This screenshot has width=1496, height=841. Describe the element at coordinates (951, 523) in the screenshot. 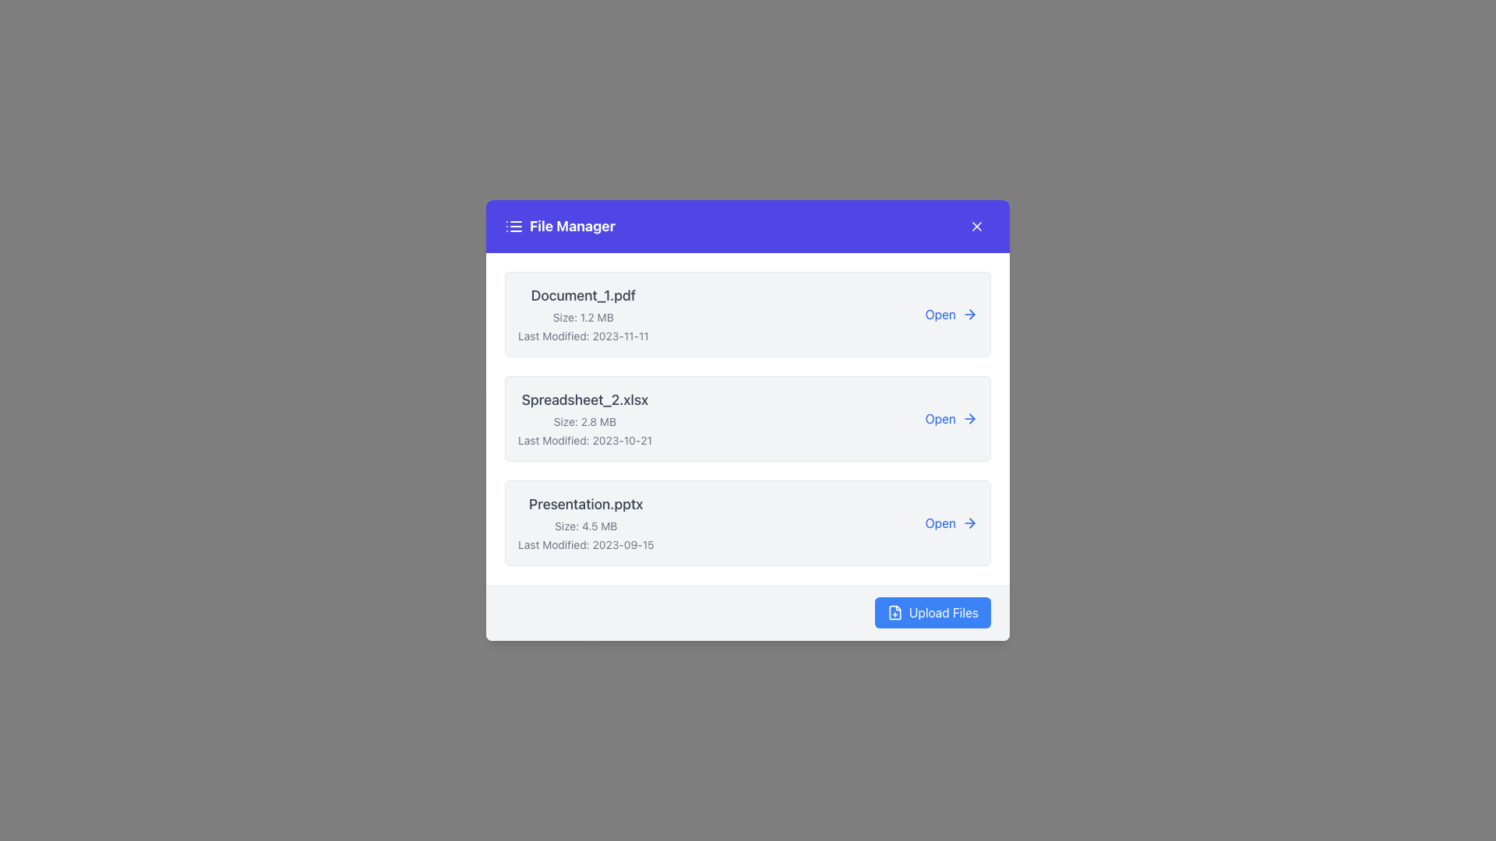

I see `the interactive text link with an icon for the file 'Presentation.pptx', which is the third 'Open' link from the top in the file entry list` at that location.